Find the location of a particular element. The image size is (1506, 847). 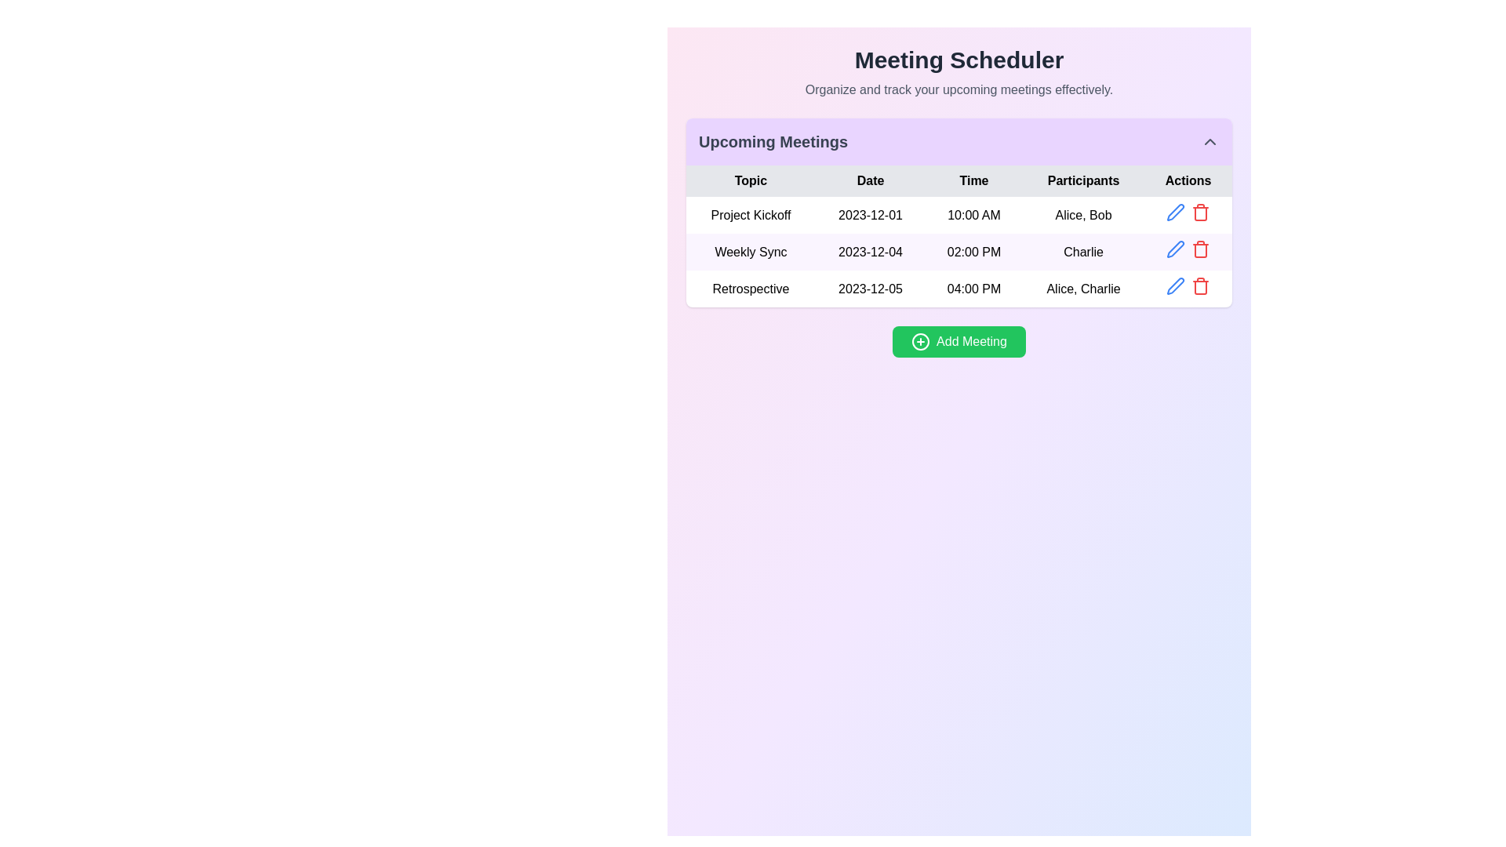

the rows of the data table displaying meeting information within the 'Upcoming Meetings' section to interact with individual cells is located at coordinates (959, 236).